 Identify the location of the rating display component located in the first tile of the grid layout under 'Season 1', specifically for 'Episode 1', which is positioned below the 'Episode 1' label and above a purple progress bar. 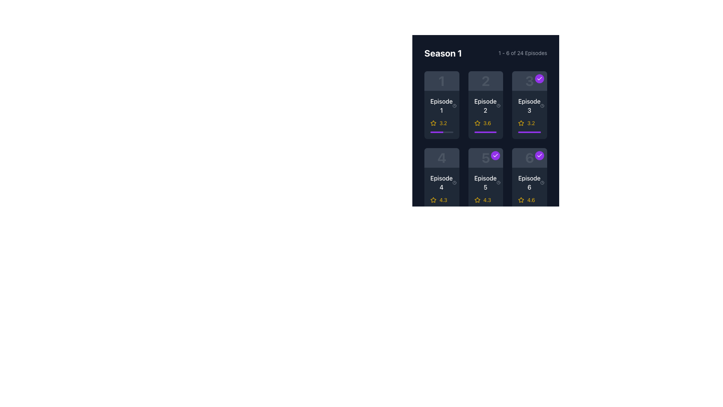
(442, 123).